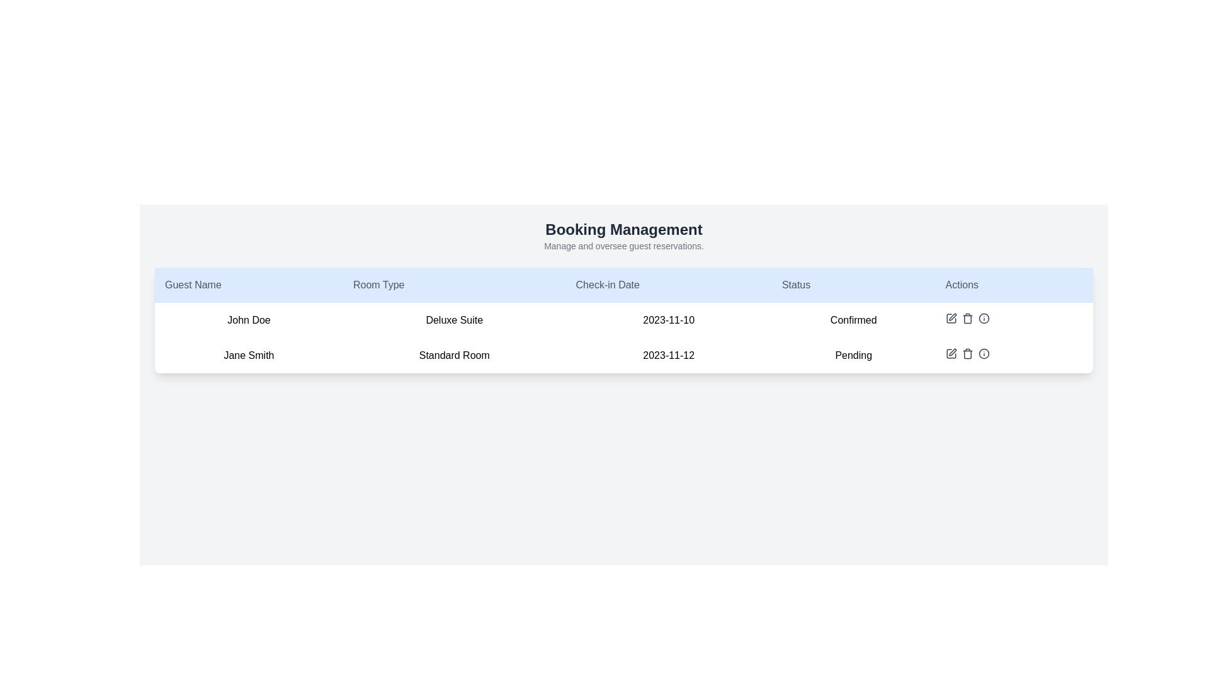  What do you see at coordinates (967, 354) in the screenshot?
I see `the delete icon located in the 'Actions' column of the 'Pending' row in the table under the 'Booking Management' header` at bounding box center [967, 354].